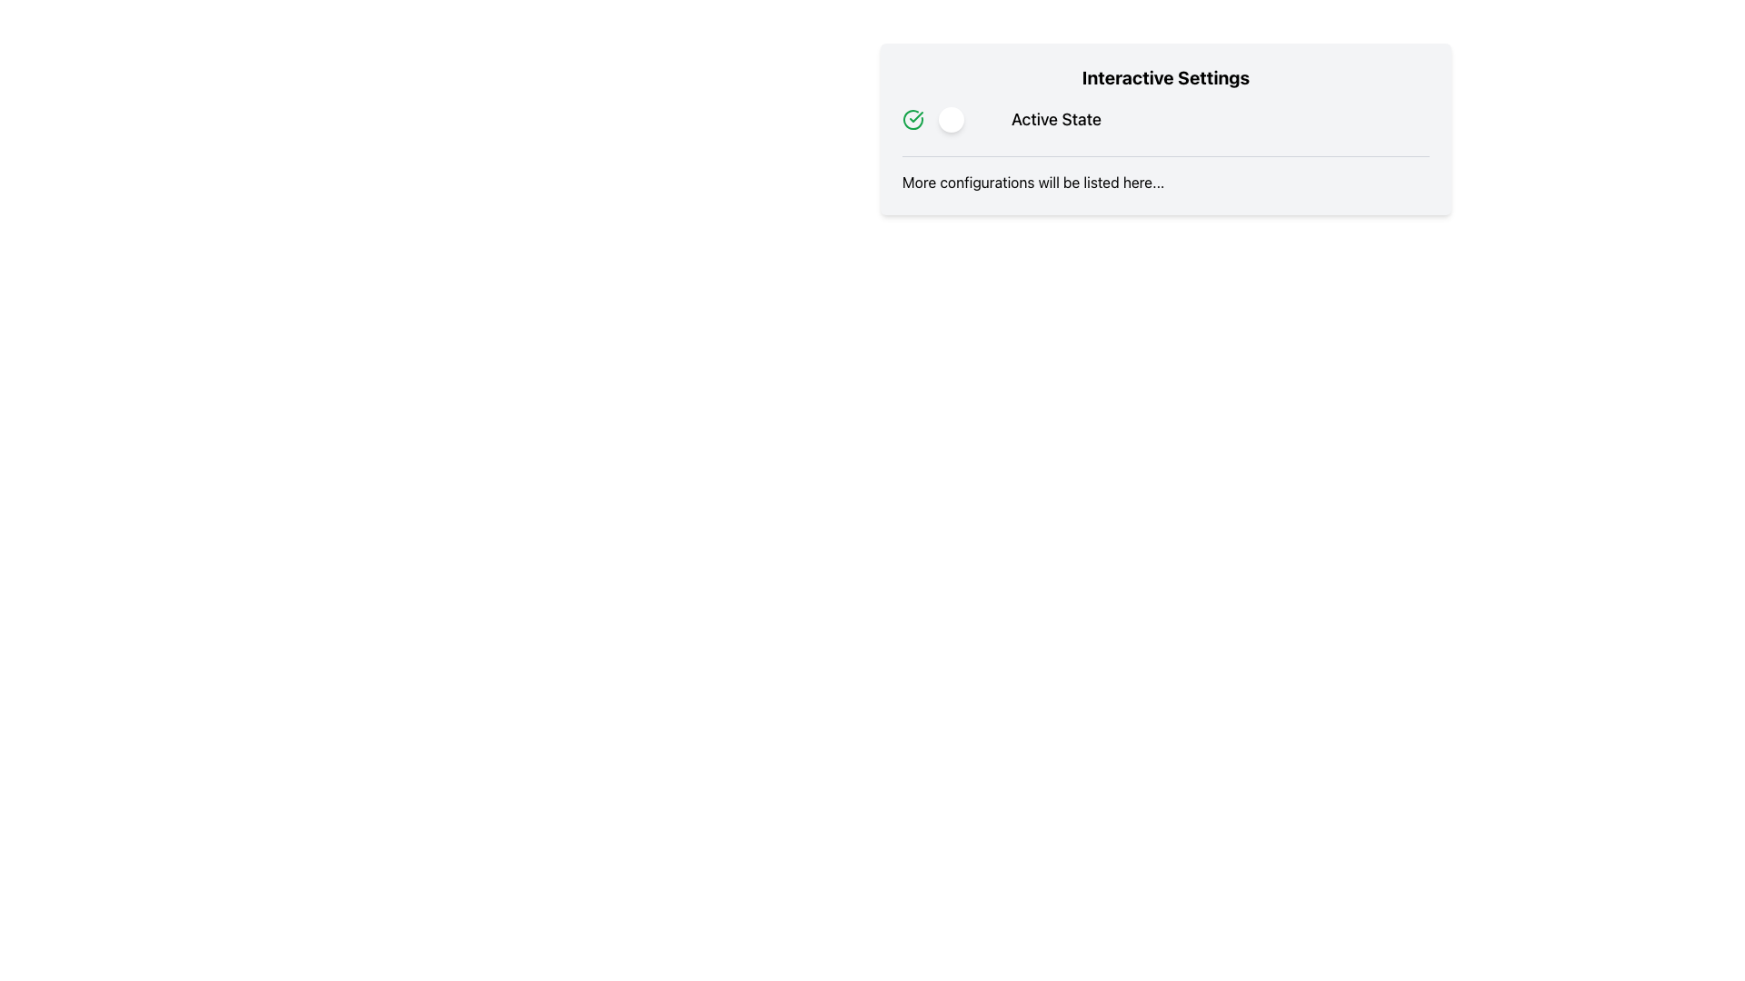  I want to click on the 'Active State' text label located to the right of the toggle switch and green check icon in the 'Interactive Settings' section, so click(1056, 119).